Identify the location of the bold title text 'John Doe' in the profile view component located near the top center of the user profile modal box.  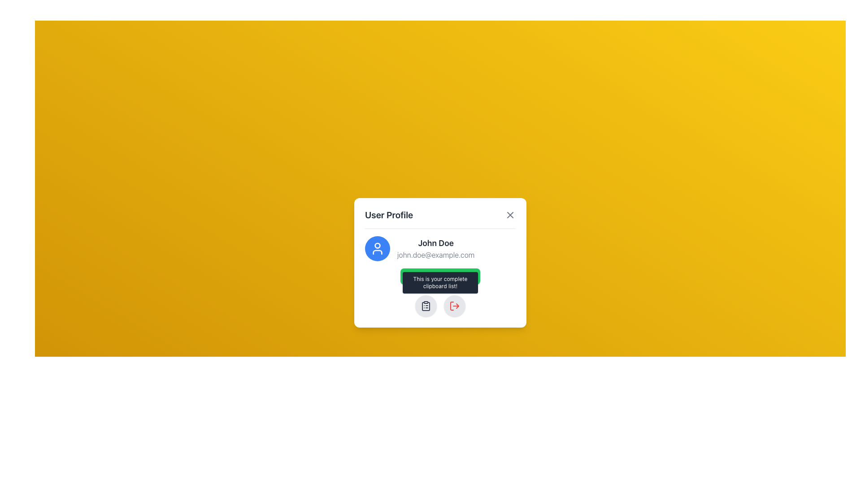
(440, 248).